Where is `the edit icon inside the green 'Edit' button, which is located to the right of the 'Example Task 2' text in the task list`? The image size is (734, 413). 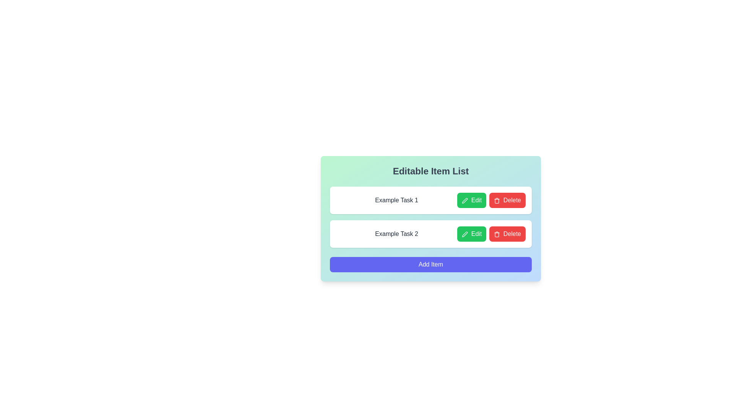
the edit icon inside the green 'Edit' button, which is located to the right of the 'Example Task 2' text in the task list is located at coordinates (464, 234).